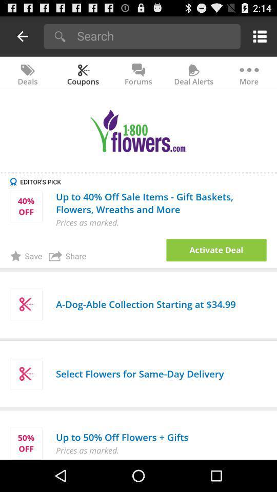 The image size is (277, 492). What do you see at coordinates (23, 36) in the screenshot?
I see `go back` at bounding box center [23, 36].